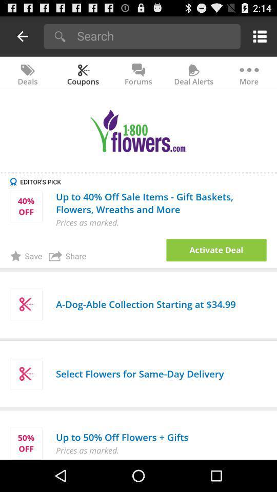 The image size is (277, 492). What do you see at coordinates (23, 36) in the screenshot?
I see `go back` at bounding box center [23, 36].